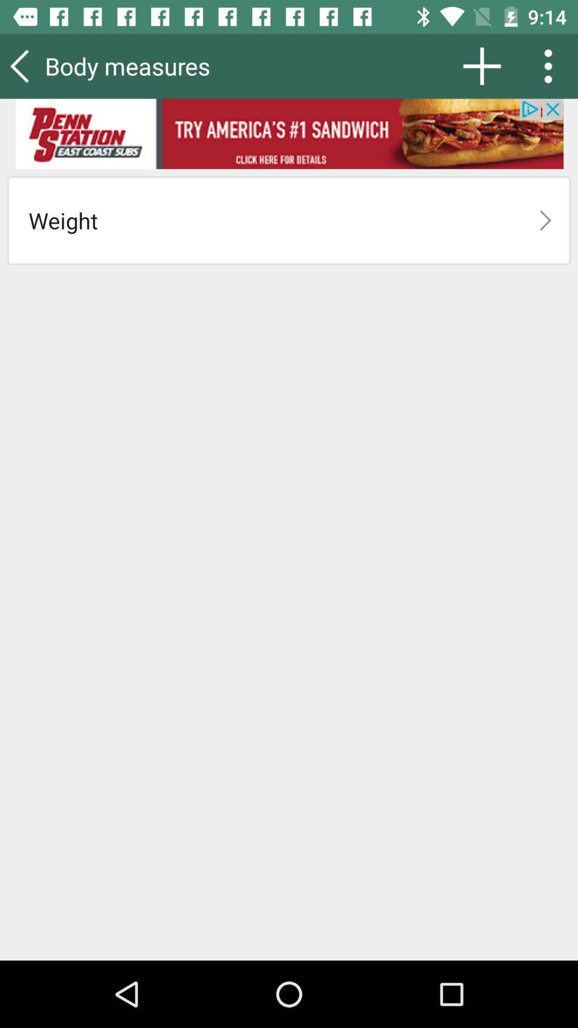 The image size is (578, 1028). Describe the element at coordinates (552, 65) in the screenshot. I see `the more icon` at that location.